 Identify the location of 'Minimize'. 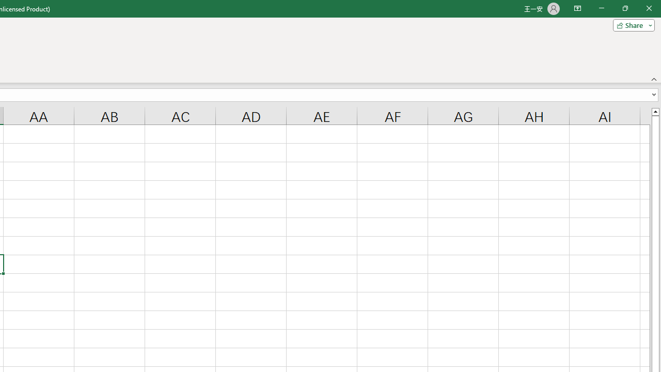
(601, 8).